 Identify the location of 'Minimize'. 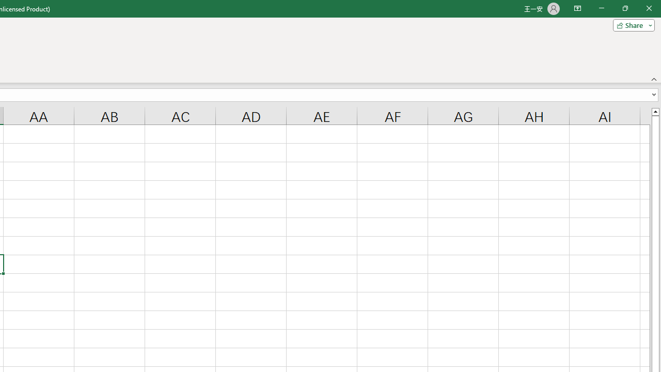
(601, 8).